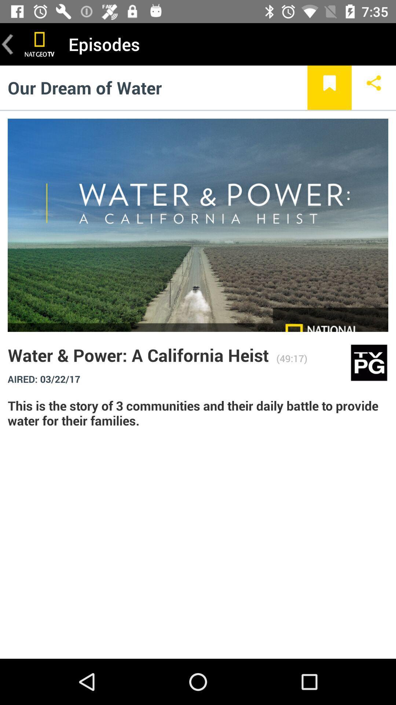 The width and height of the screenshot is (396, 705). I want to click on share button, so click(374, 87).